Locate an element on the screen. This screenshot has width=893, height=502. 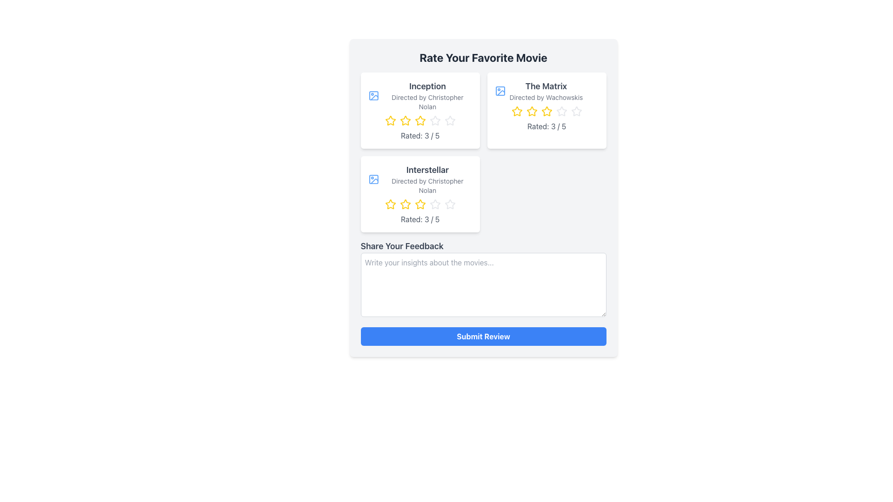
the submit button located at the bottom of the central layout is located at coordinates (483, 337).